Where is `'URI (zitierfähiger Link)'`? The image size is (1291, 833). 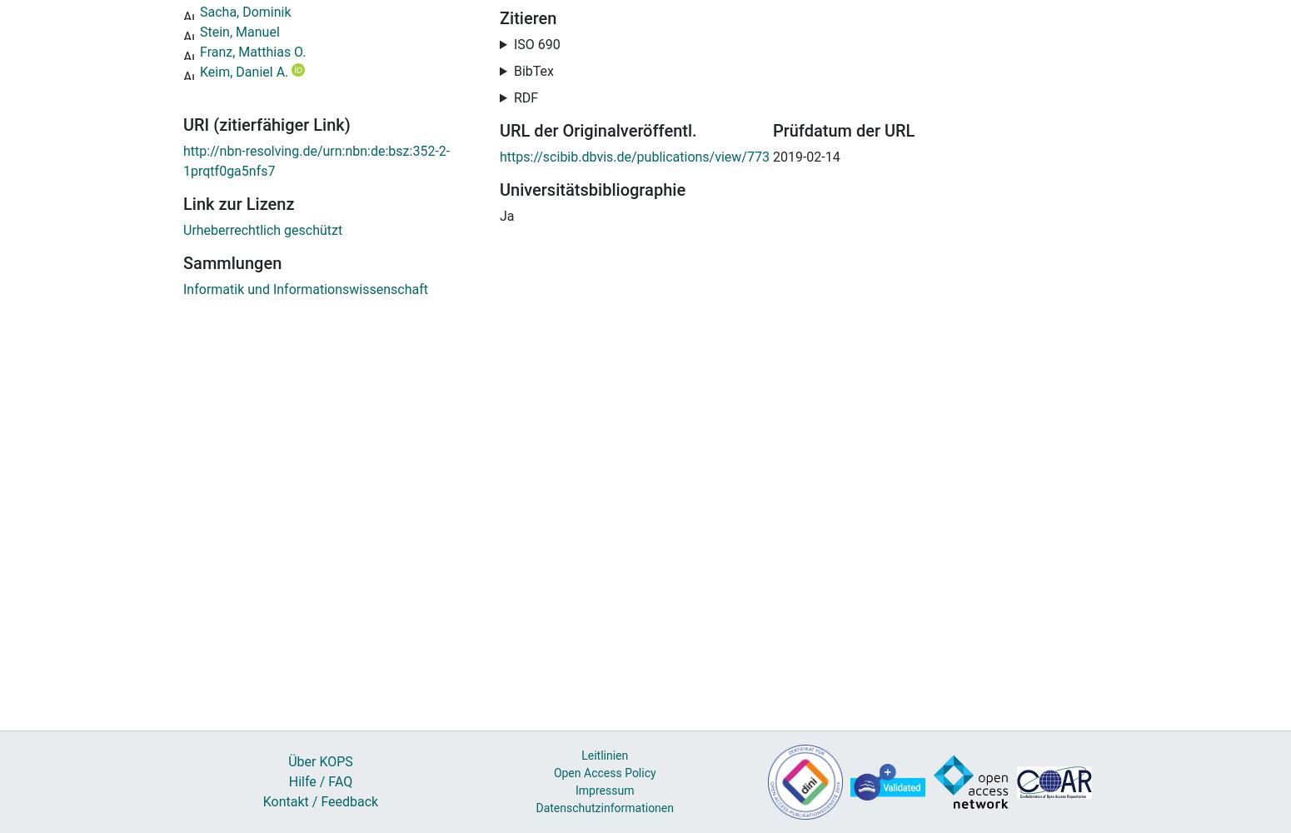 'URI (zitierfähiger Link)' is located at coordinates (266, 124).